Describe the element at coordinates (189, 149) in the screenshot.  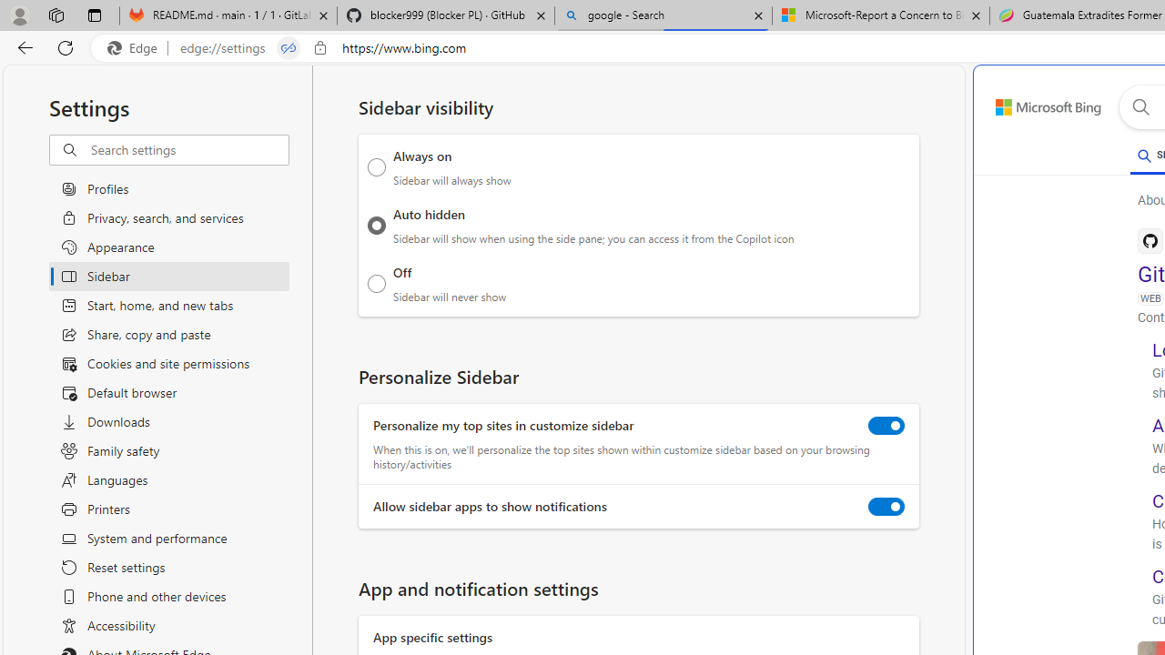
I see `'Search settings'` at that location.